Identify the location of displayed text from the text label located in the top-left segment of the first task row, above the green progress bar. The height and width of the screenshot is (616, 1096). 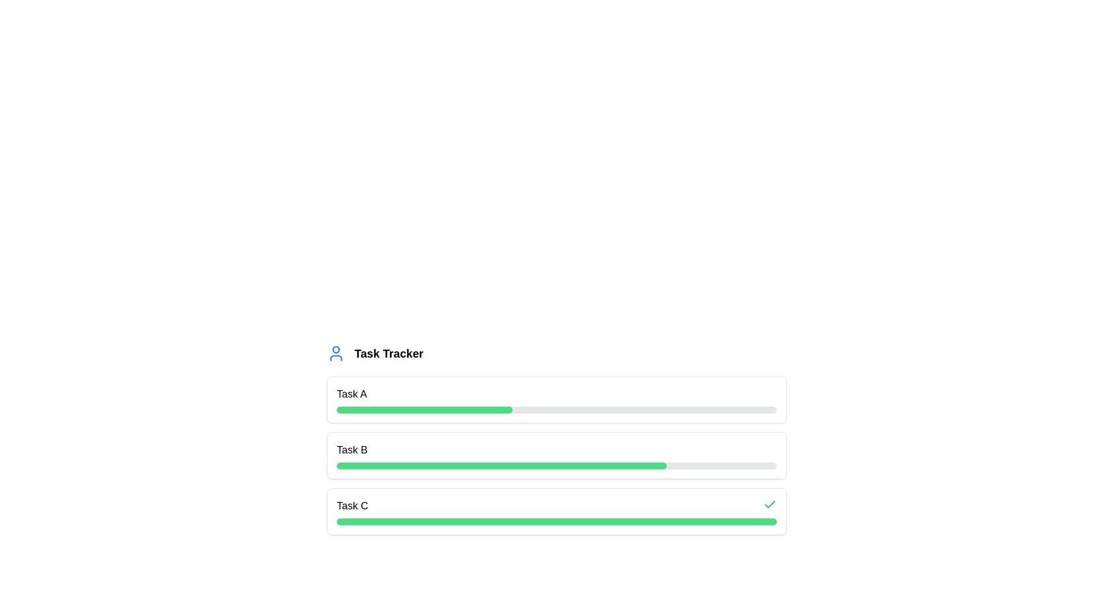
(351, 393).